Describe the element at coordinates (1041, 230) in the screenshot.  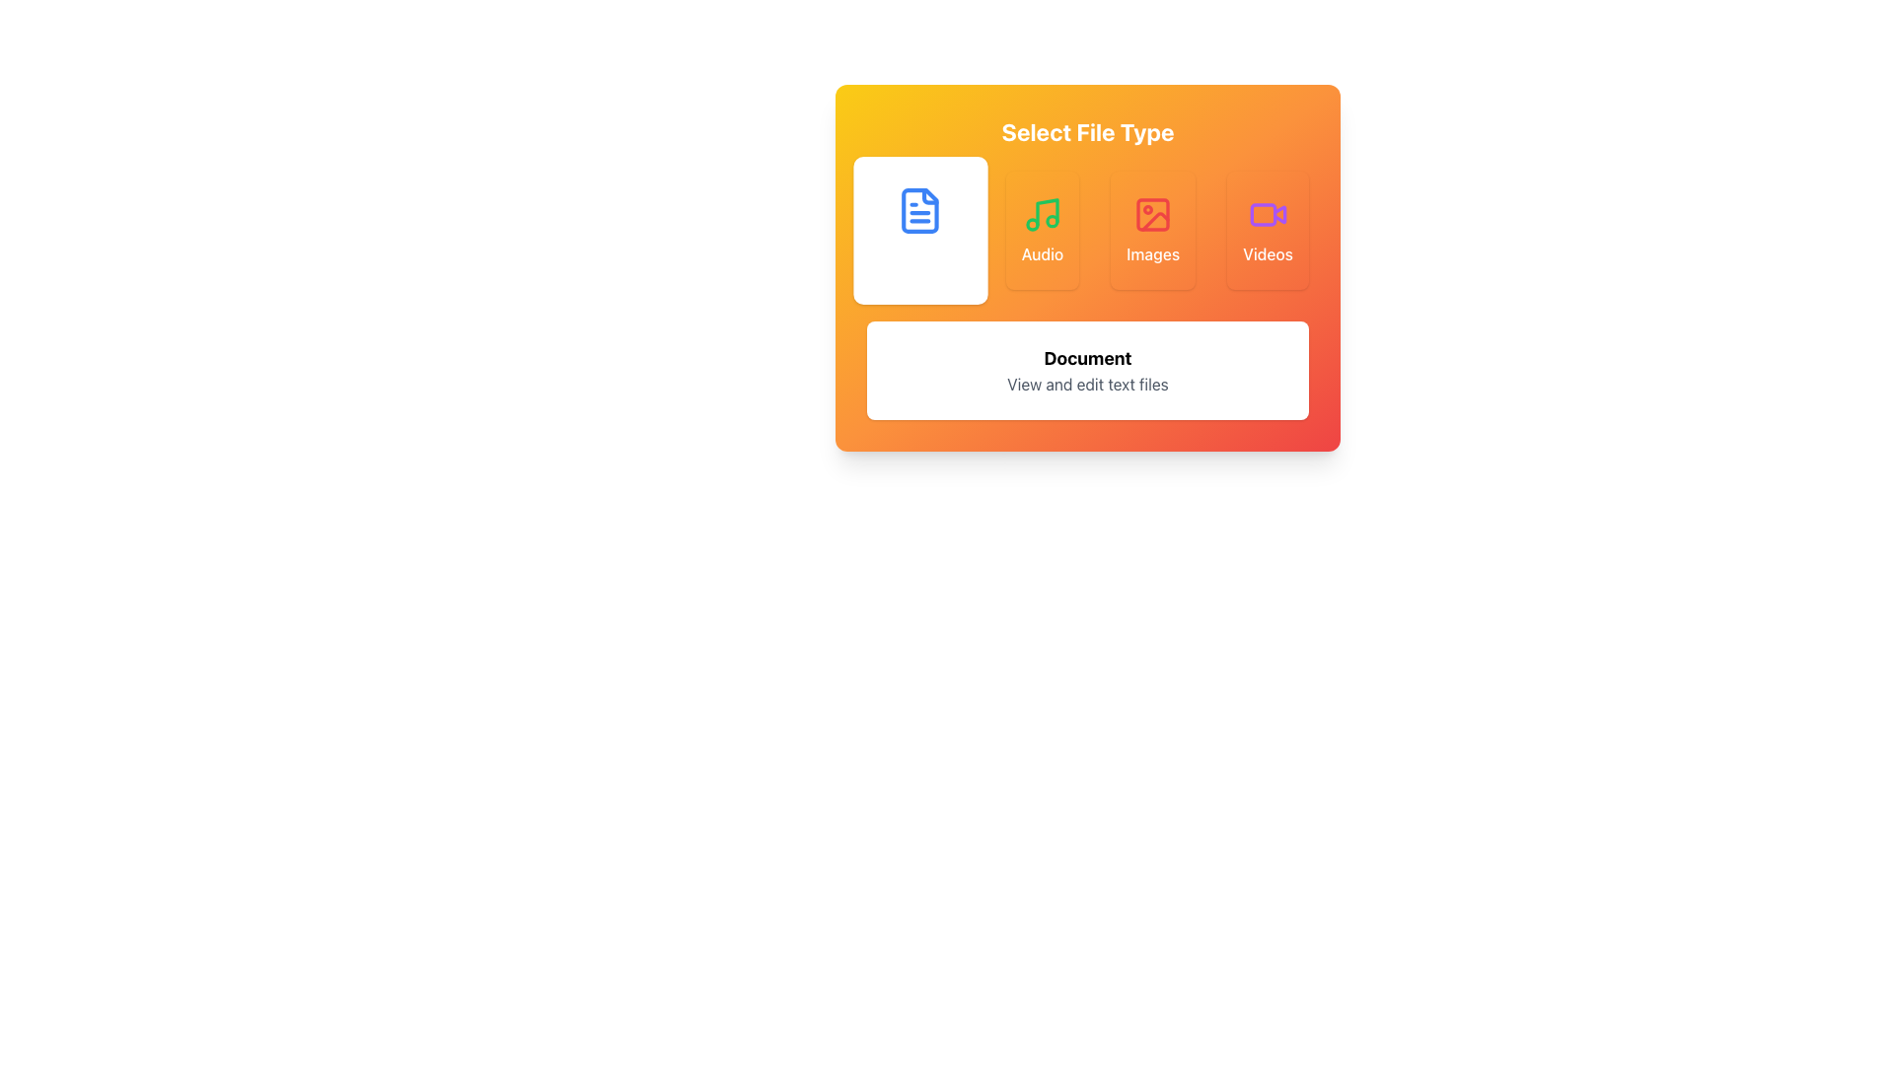
I see `the 'Audio' file type preference button, which is the second button from the left in a horizontal row of four buttons, located between the 'Document' and 'Images' buttons` at that location.